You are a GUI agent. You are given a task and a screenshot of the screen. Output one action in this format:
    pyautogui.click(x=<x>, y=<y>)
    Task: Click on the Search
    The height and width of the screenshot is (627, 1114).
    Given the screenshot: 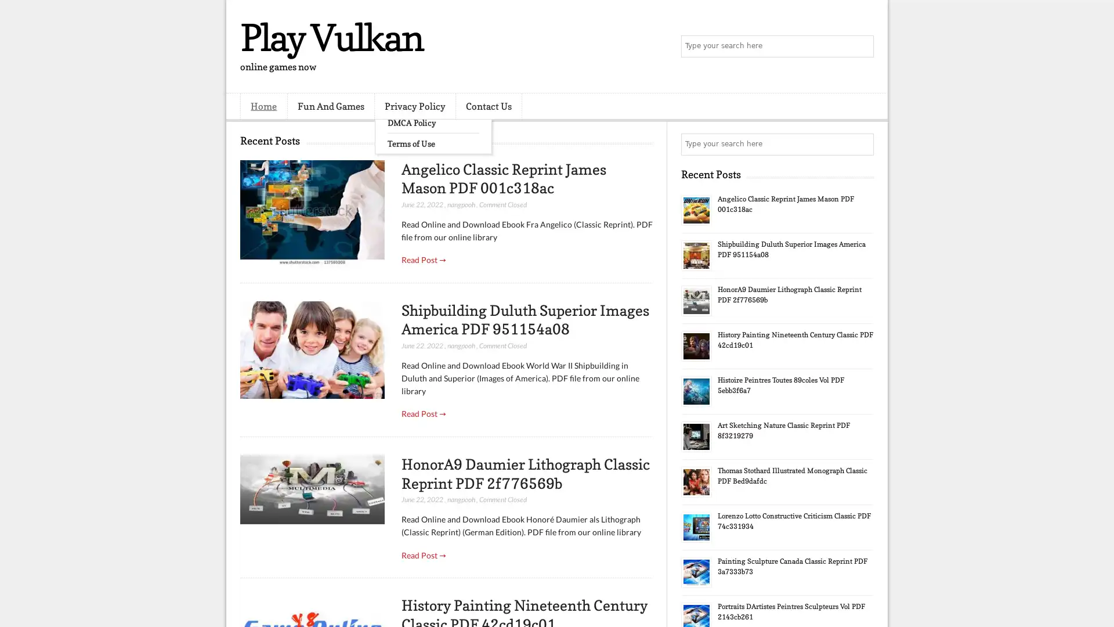 What is the action you would take?
    pyautogui.click(x=862, y=144)
    